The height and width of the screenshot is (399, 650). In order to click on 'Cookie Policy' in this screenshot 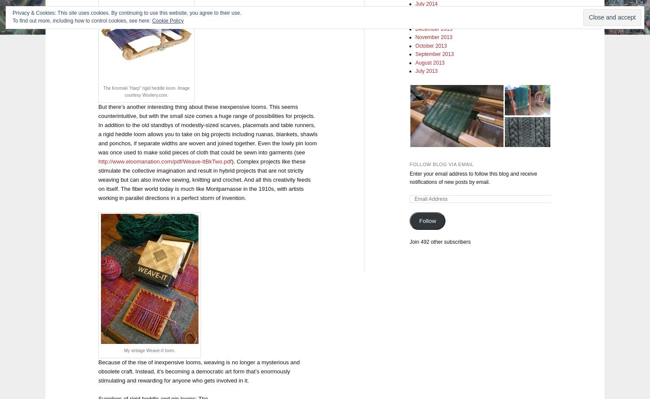, I will do `click(168, 21)`.